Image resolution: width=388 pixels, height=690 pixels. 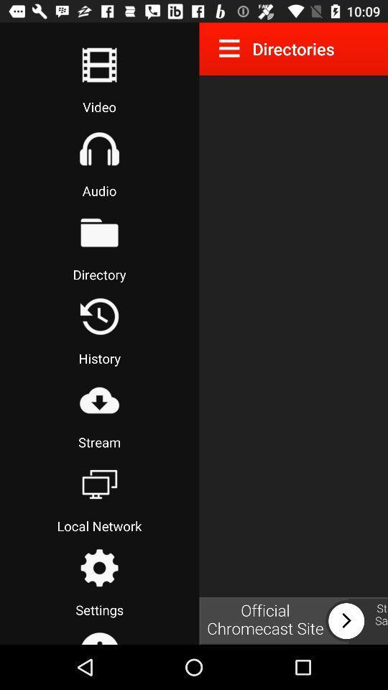 I want to click on the settings icon, so click(x=98, y=568).